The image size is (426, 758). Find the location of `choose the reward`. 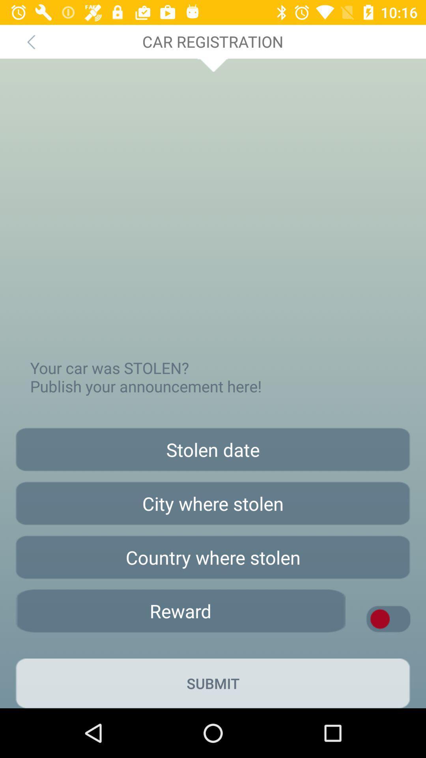

choose the reward is located at coordinates (180, 610).